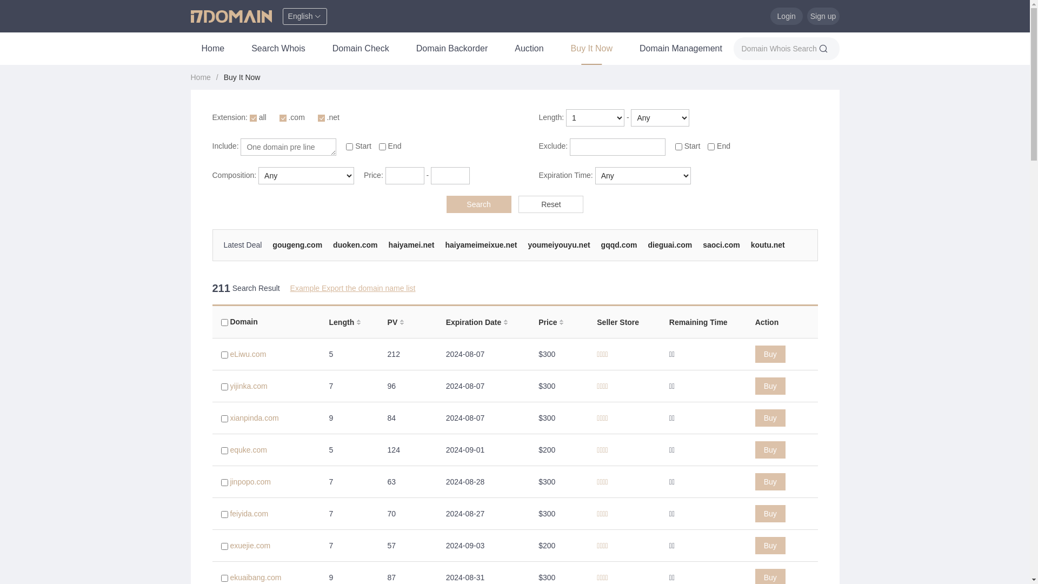 This screenshot has width=1038, height=584. Describe the element at coordinates (721, 244) in the screenshot. I see `'saoci.com'` at that location.